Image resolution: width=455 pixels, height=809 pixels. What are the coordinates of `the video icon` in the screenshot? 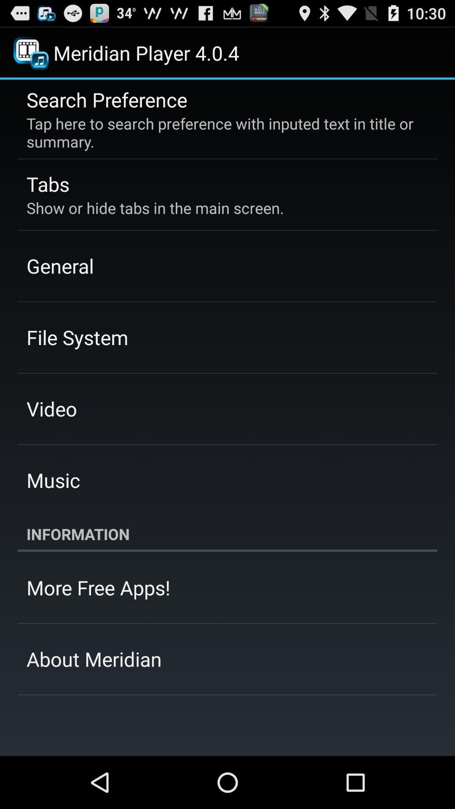 It's located at (52, 409).